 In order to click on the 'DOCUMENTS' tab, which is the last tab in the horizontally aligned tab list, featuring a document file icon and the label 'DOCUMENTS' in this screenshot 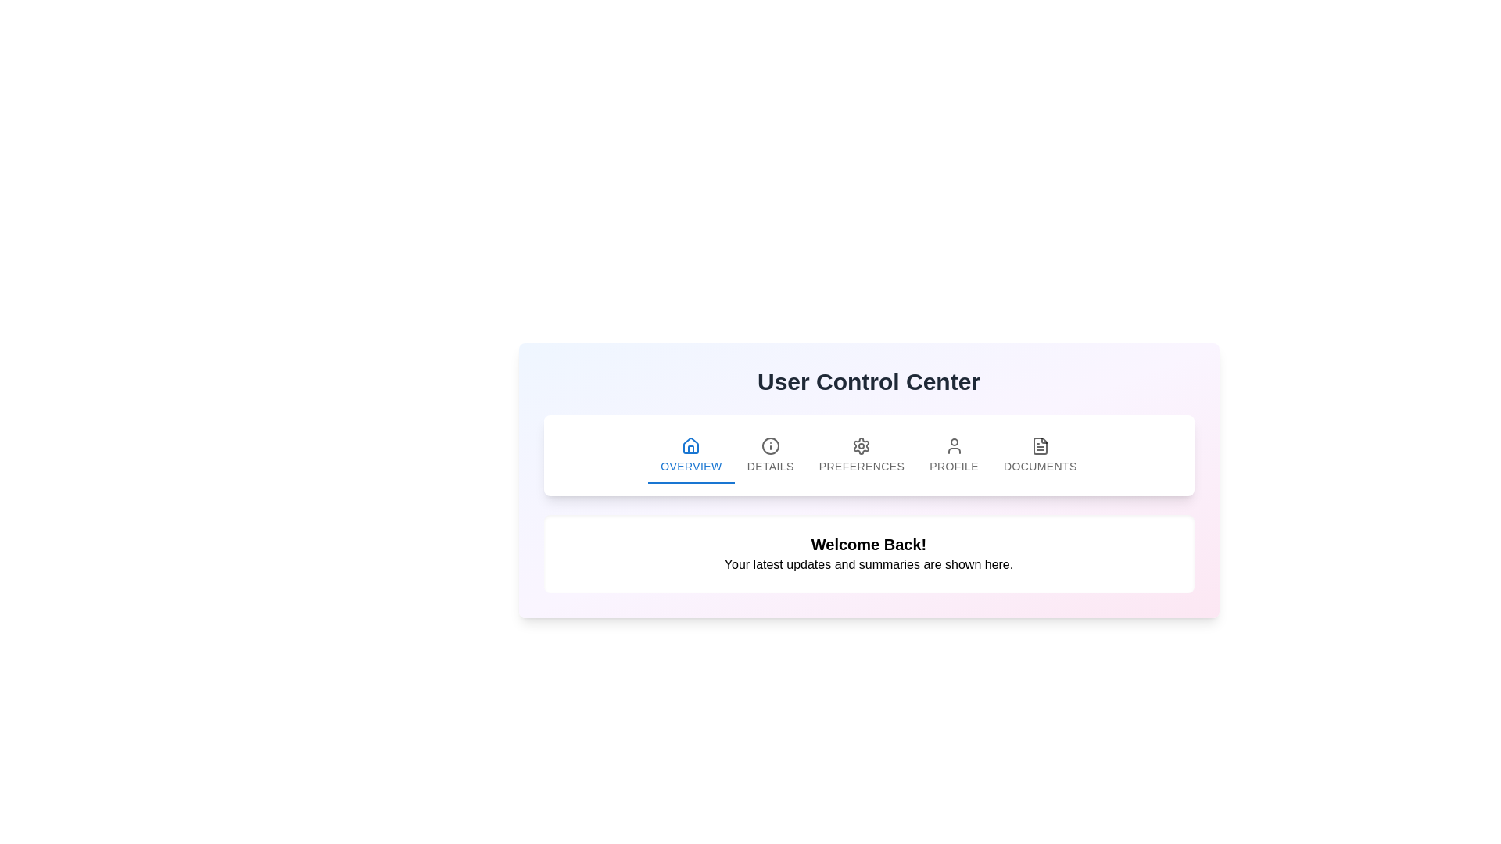, I will do `click(1040, 455)`.